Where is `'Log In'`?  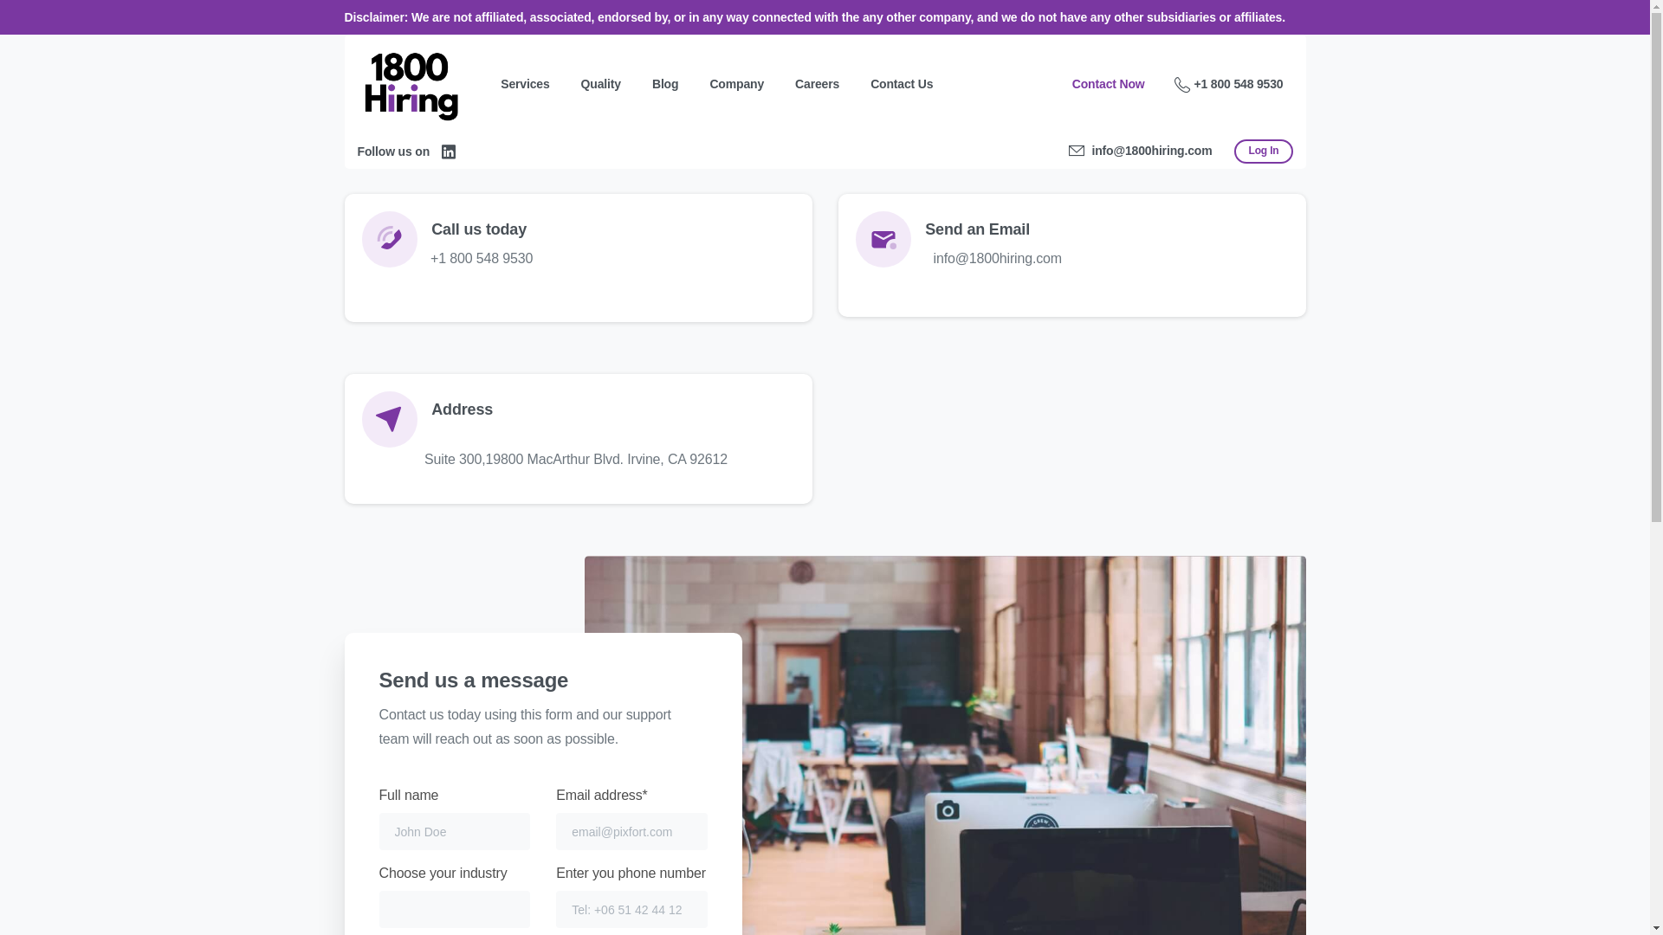 'Log In' is located at coordinates (1263, 150).